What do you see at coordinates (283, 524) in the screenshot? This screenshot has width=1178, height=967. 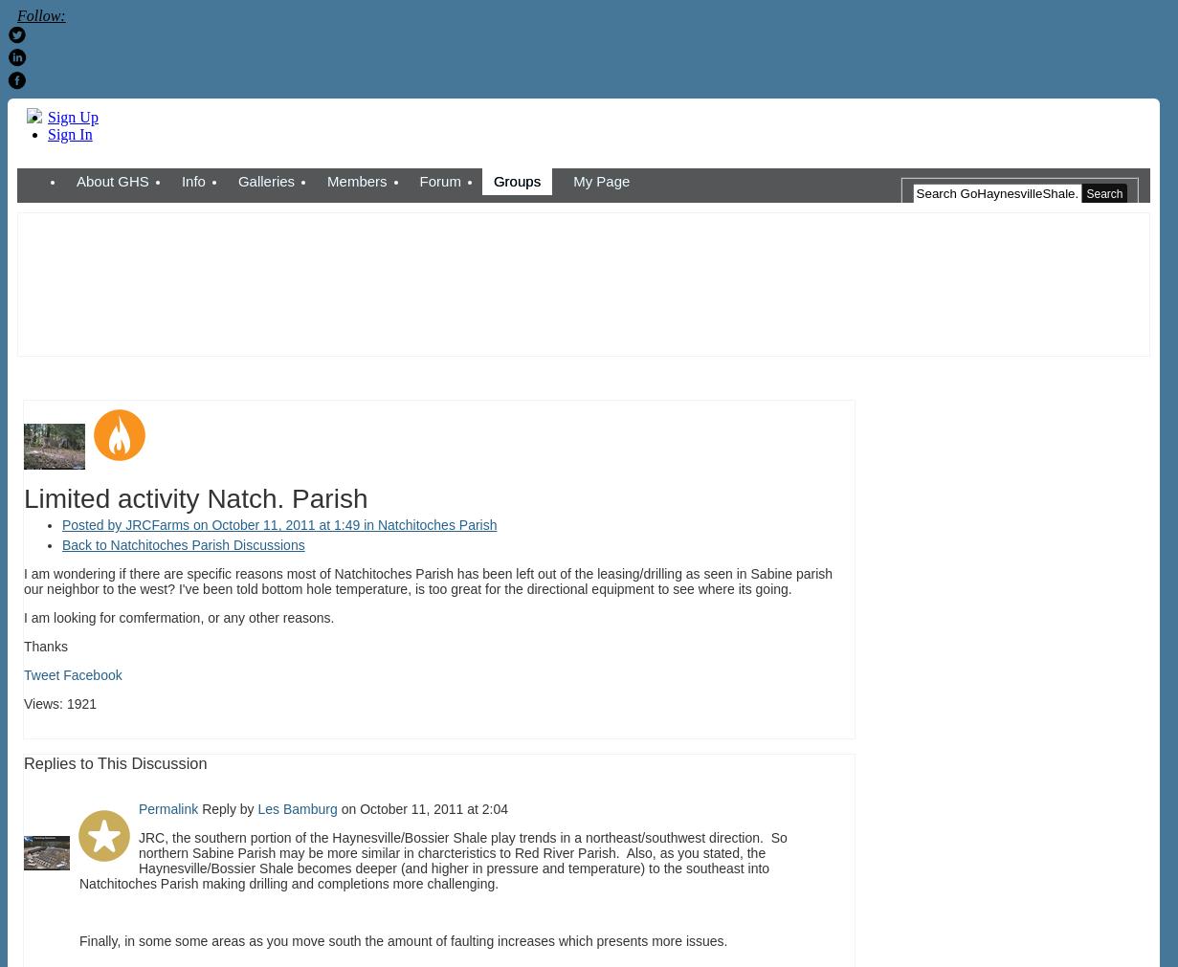 I see `'on October 11, 2011 at 1:49 in'` at bounding box center [283, 524].